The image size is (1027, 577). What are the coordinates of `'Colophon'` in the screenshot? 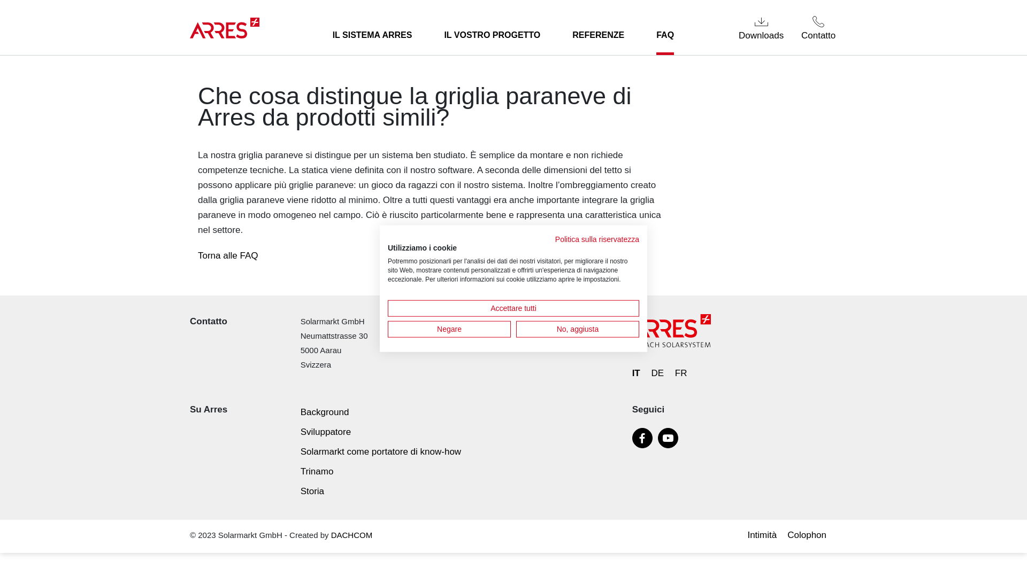 It's located at (809, 535).